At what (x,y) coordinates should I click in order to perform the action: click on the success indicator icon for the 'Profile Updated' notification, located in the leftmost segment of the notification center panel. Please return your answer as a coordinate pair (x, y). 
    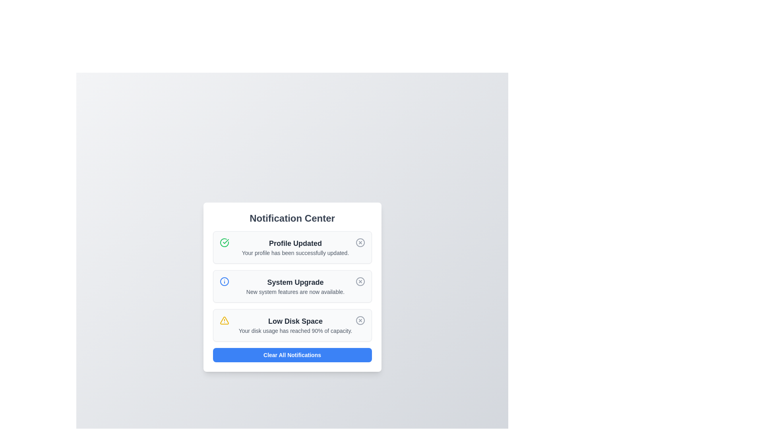
    Looking at the image, I should click on (225, 241).